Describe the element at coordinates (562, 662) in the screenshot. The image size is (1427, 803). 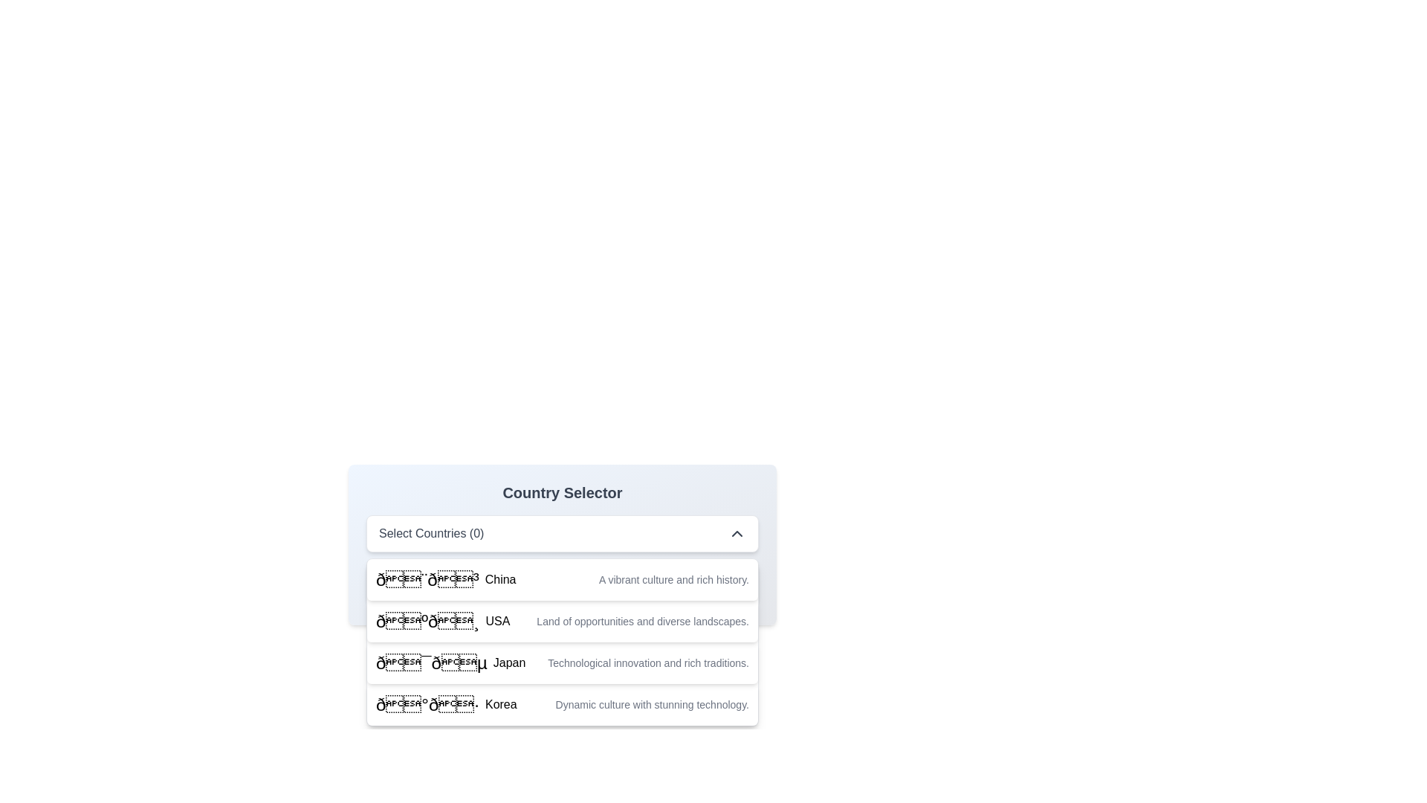
I see `the third list item in the dropdown menu that features the Japan flag emoji and the text 'Japan'` at that location.